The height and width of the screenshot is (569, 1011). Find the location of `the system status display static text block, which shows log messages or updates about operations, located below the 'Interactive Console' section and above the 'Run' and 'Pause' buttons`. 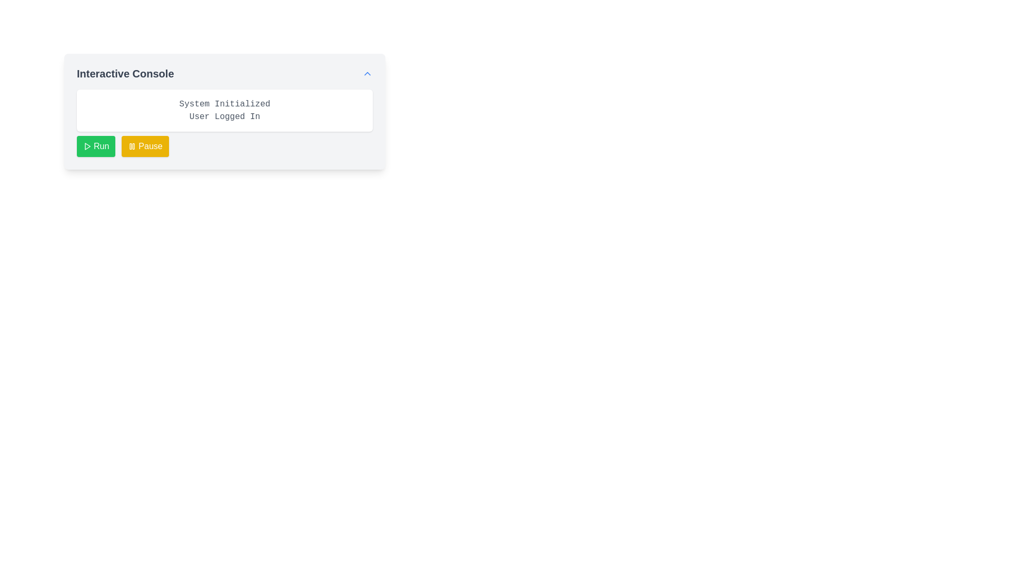

the system status display static text block, which shows log messages or updates about operations, located below the 'Interactive Console' section and above the 'Run' and 'Pause' buttons is located at coordinates (224, 110).